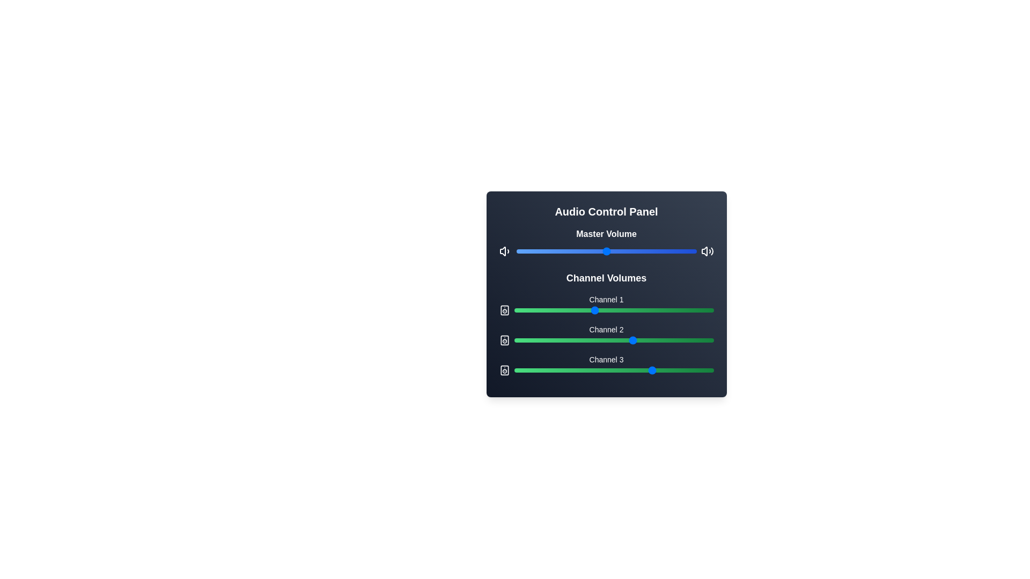 This screenshot has width=1030, height=579. Describe the element at coordinates (606, 233) in the screenshot. I see `the 'Master Volume' text label, which is styled with a bold, white font on a dark background, located at the top of the 'Audio Control Panel' section` at that location.